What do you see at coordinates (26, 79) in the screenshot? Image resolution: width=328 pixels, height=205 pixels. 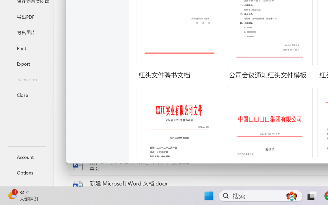 I see `'Transform'` at bounding box center [26, 79].